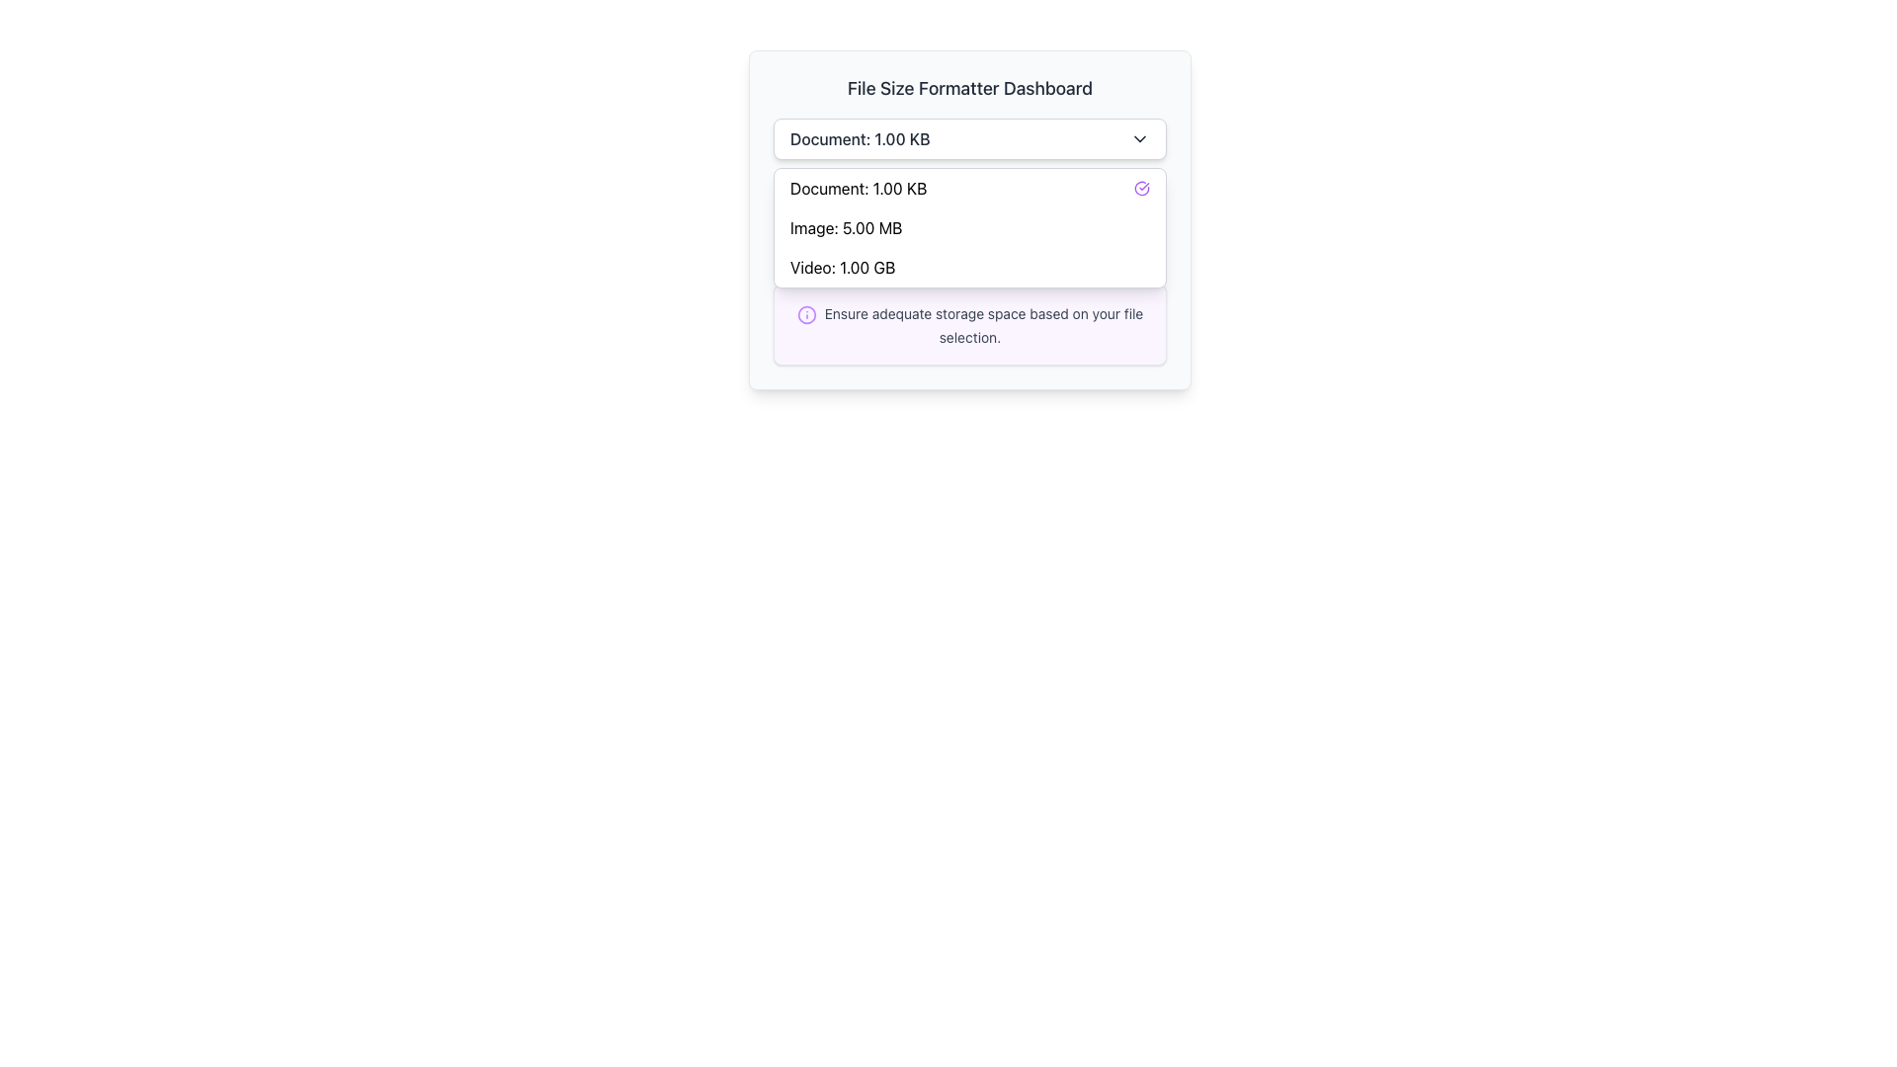 The image size is (1897, 1067). Describe the element at coordinates (970, 227) in the screenshot. I see `the second item in the informational list displaying file categories, which is labeled 'Image: 5.00 MB'` at that location.